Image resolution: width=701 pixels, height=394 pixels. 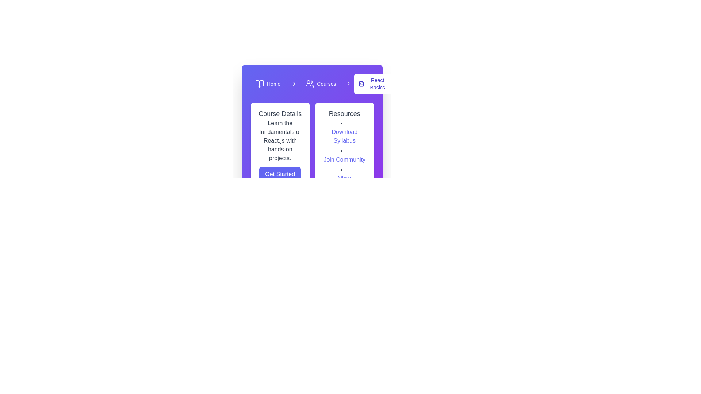 What do you see at coordinates (321, 84) in the screenshot?
I see `the second interactive button in the horizontal navigation bar, which serves as a link to the 'Courses' section` at bounding box center [321, 84].